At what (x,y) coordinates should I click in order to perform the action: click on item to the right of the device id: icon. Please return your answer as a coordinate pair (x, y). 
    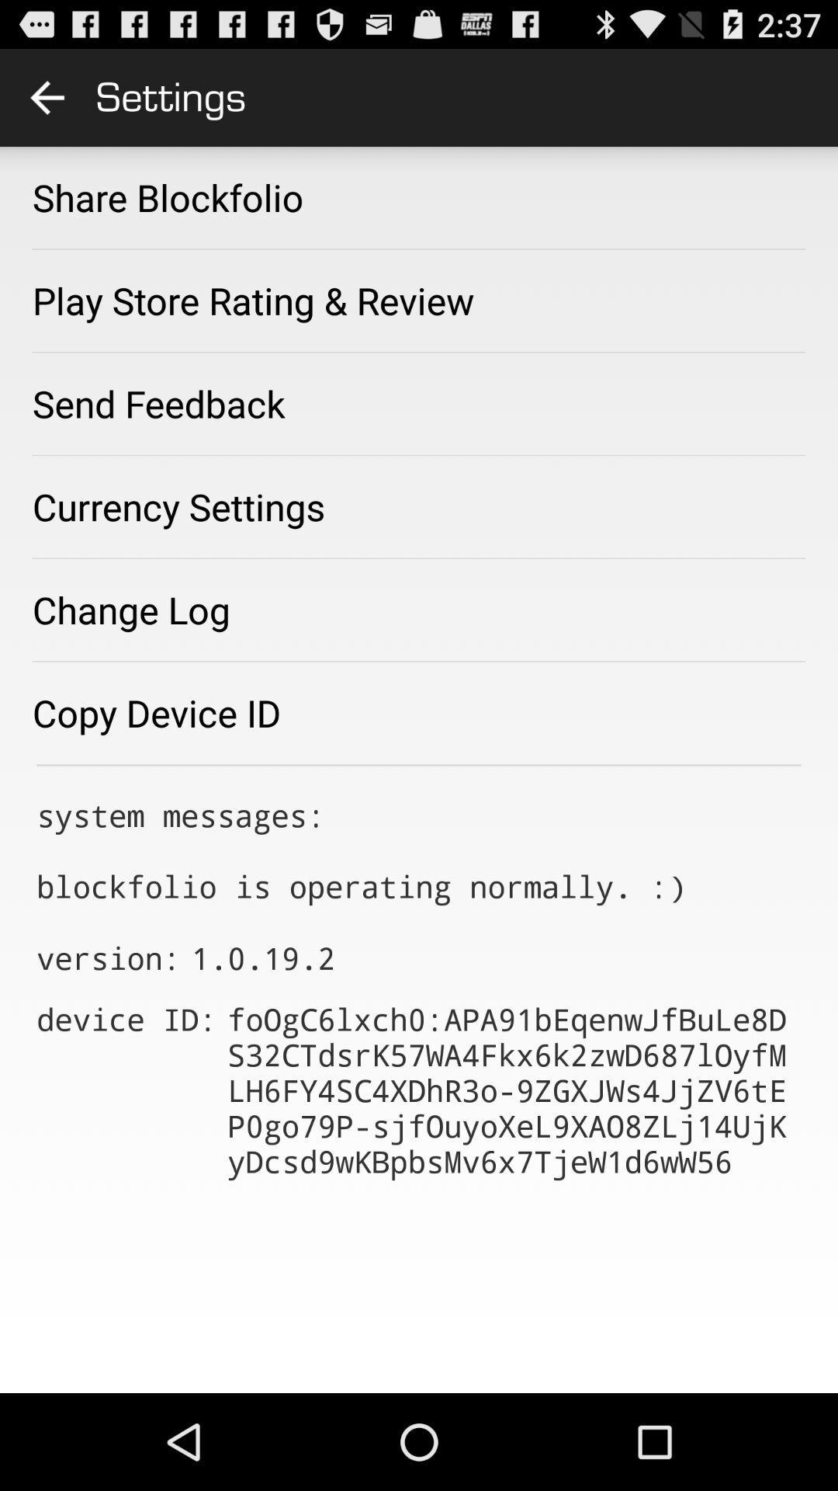
    Looking at the image, I should click on (514, 1089).